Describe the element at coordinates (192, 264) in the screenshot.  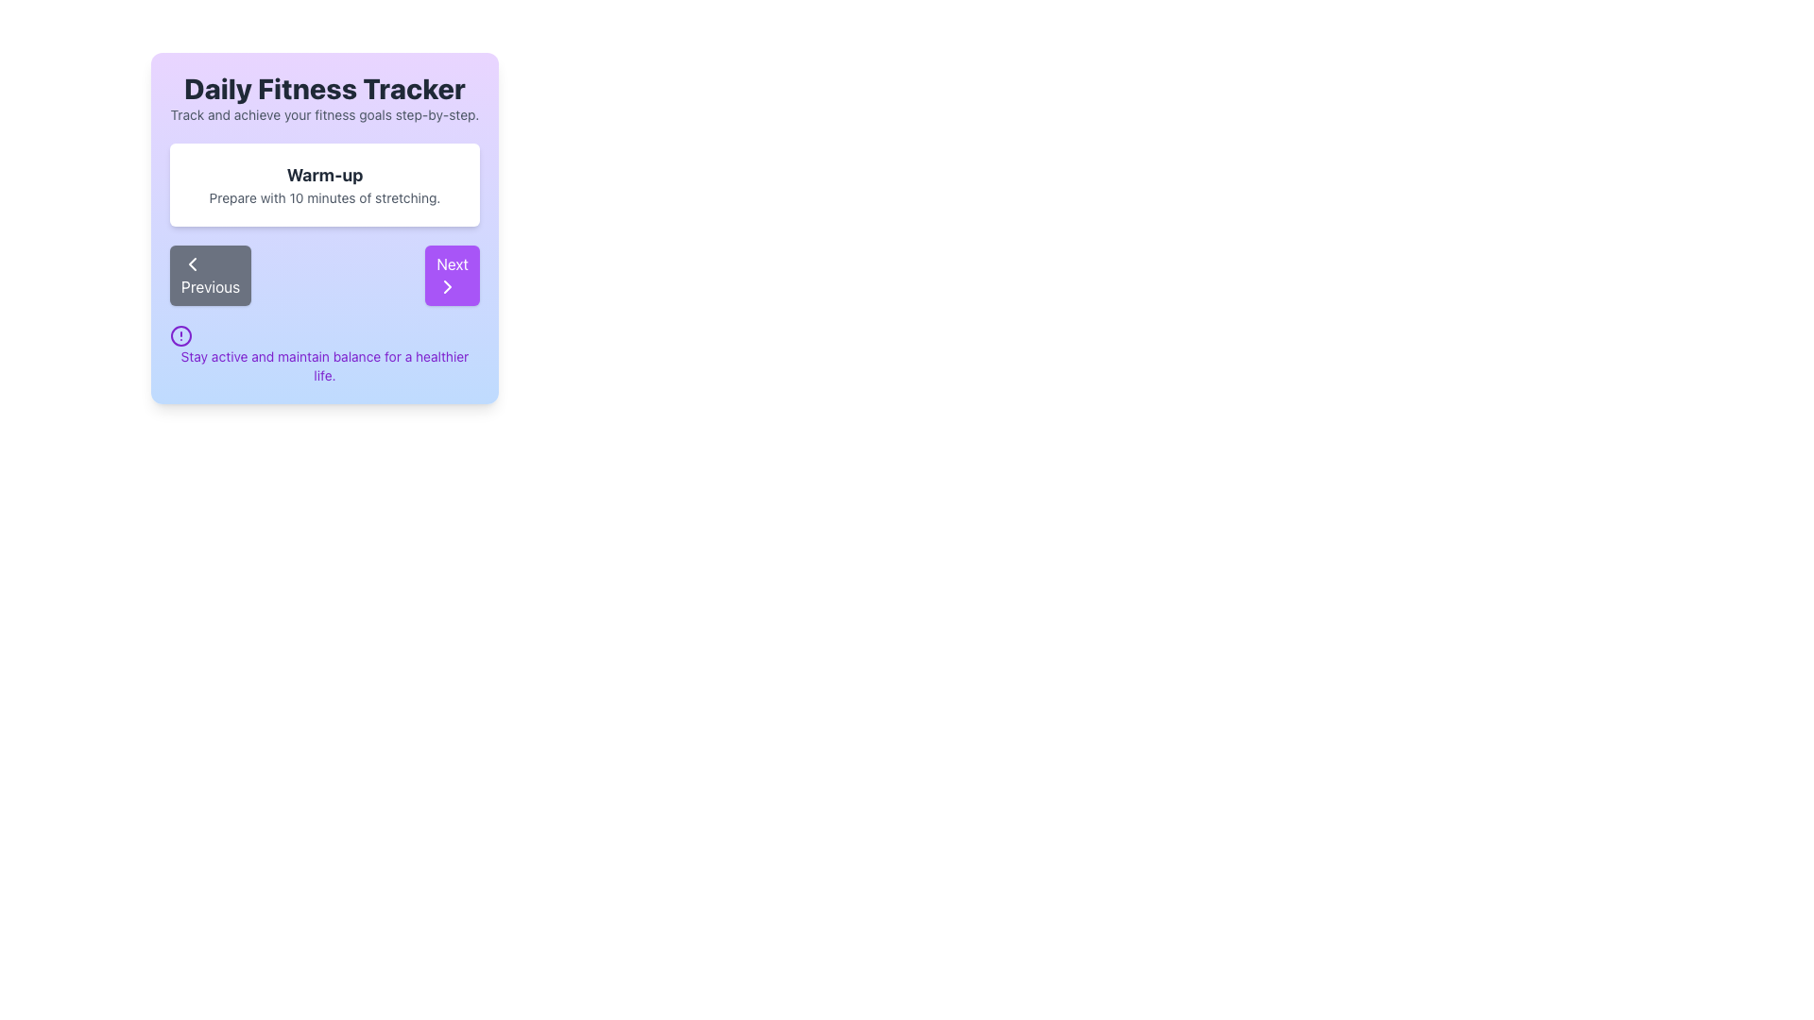
I see `the left arrow icon within the 'Previous' button` at that location.